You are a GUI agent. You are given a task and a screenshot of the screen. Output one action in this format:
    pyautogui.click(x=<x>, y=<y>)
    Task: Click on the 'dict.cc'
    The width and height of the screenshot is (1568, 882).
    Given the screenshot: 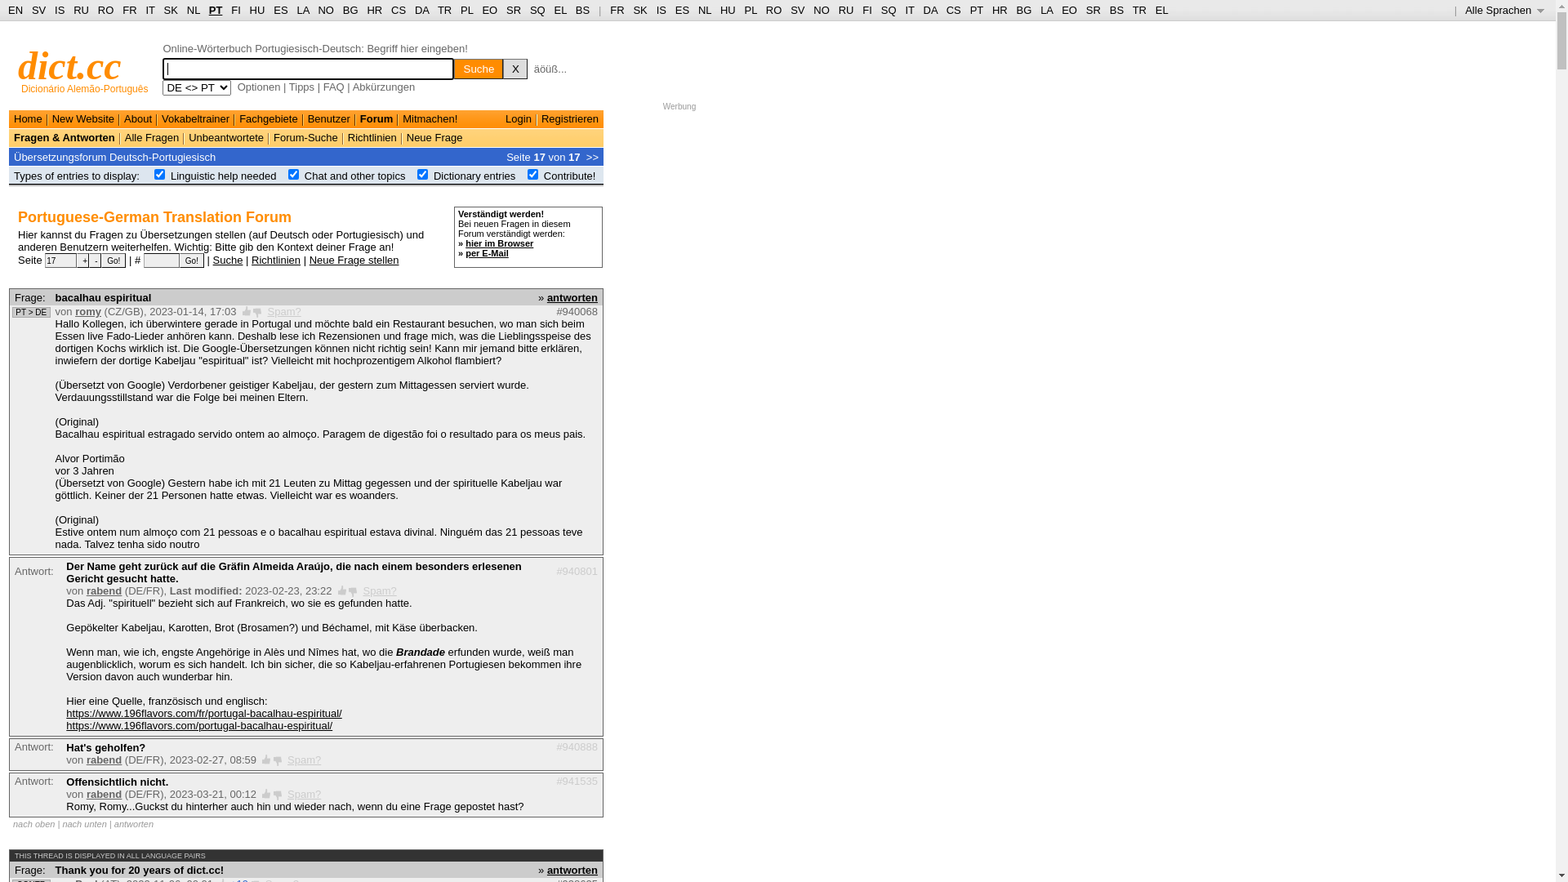 What is the action you would take?
    pyautogui.click(x=69, y=65)
    